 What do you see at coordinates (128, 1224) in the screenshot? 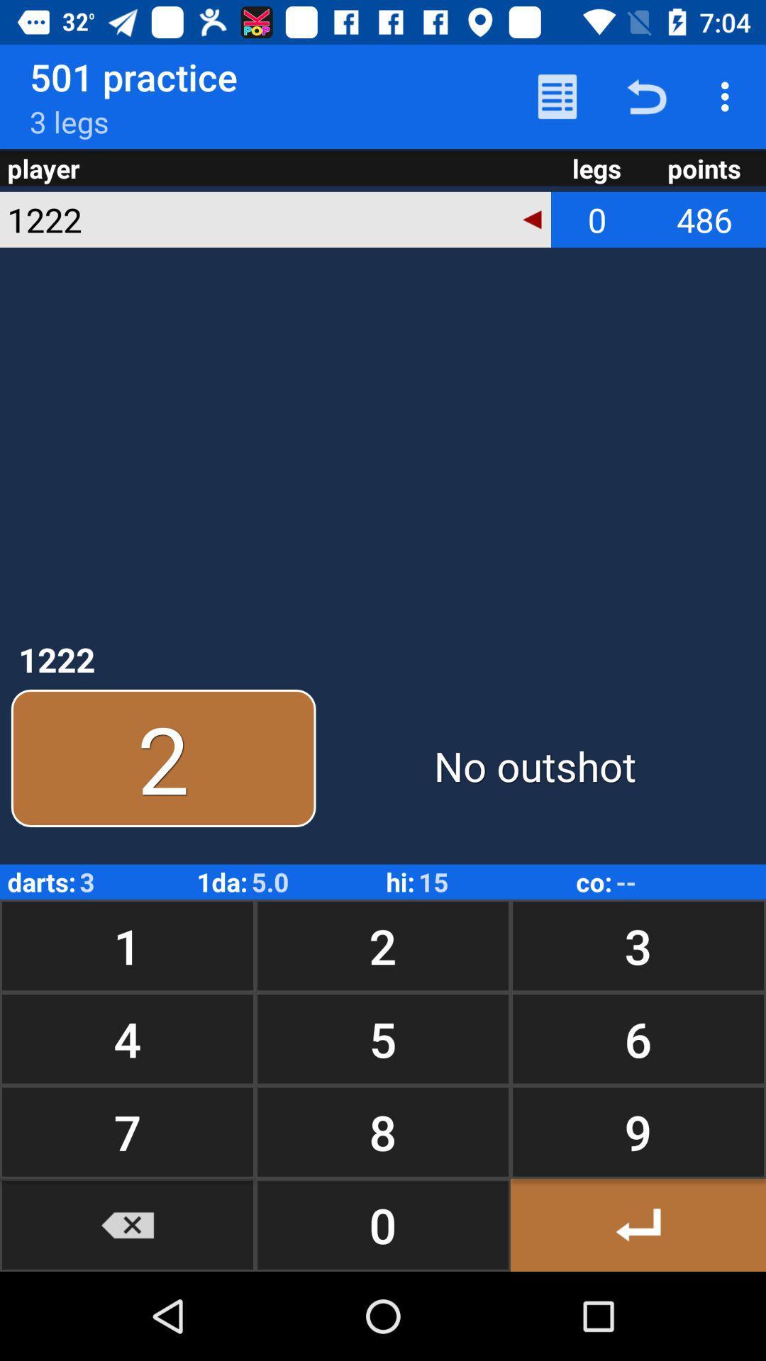
I see `item below 7 icon` at bounding box center [128, 1224].